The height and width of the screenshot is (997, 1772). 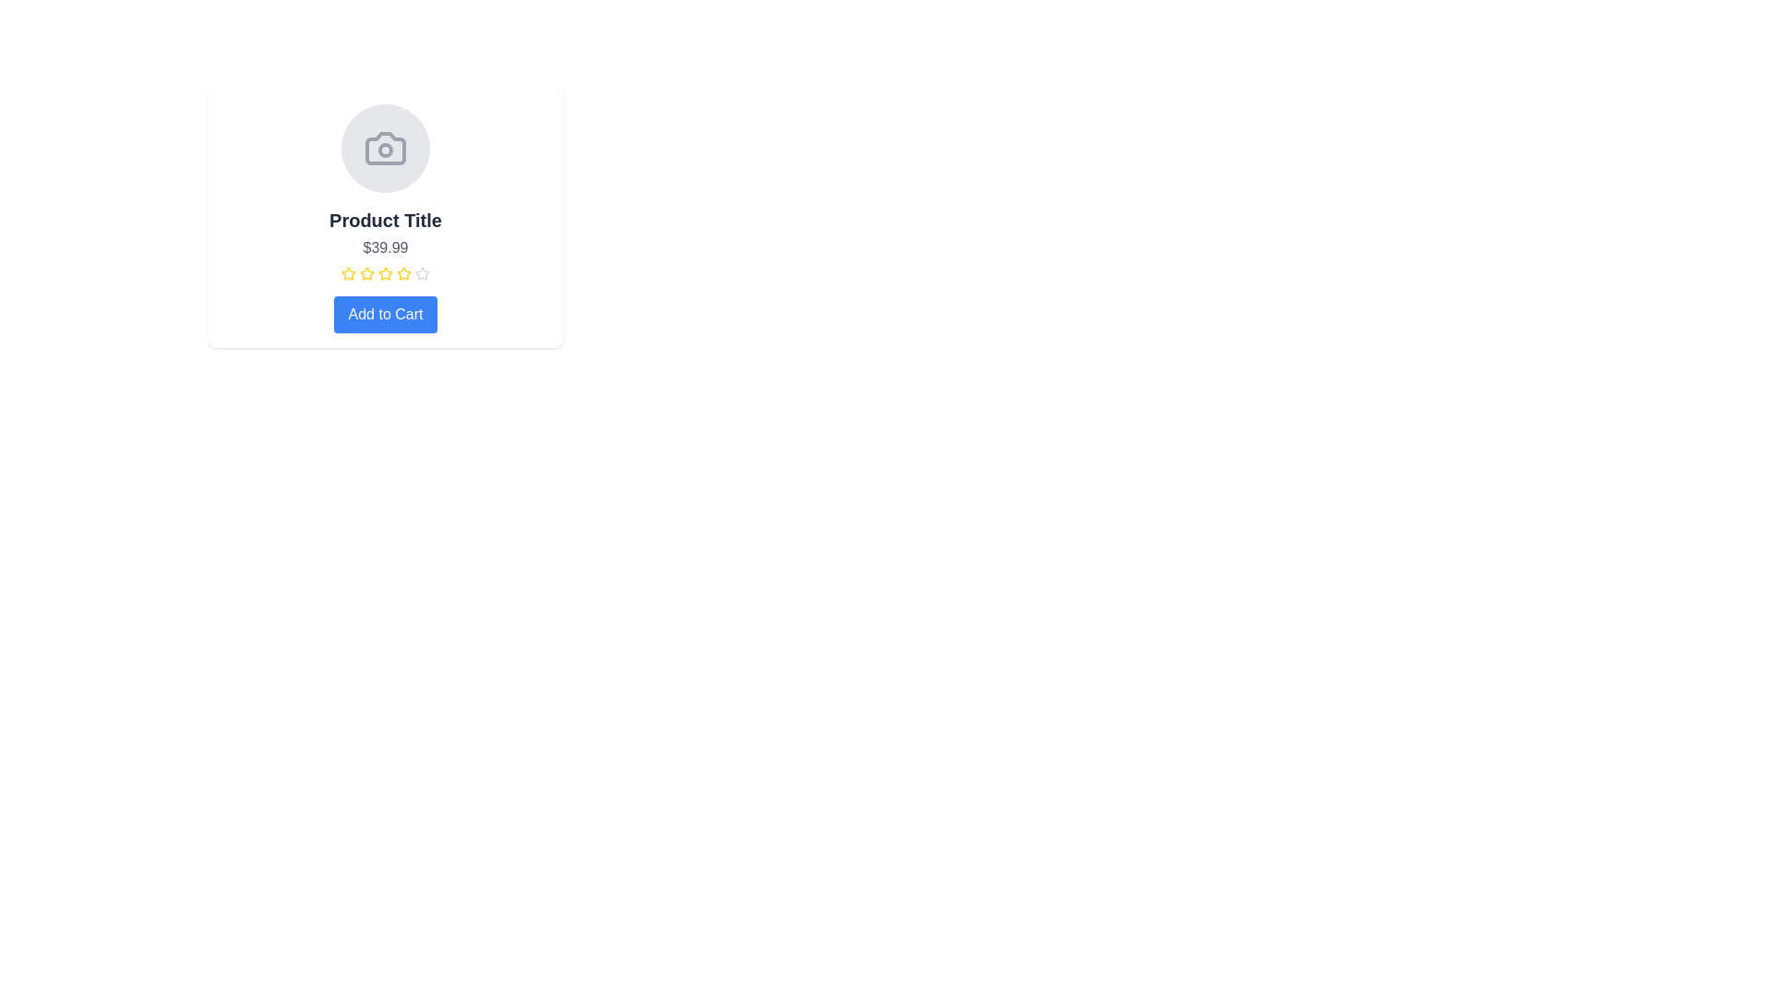 What do you see at coordinates (349, 274) in the screenshot?
I see `the first interactive star icon in the rating scale` at bounding box center [349, 274].